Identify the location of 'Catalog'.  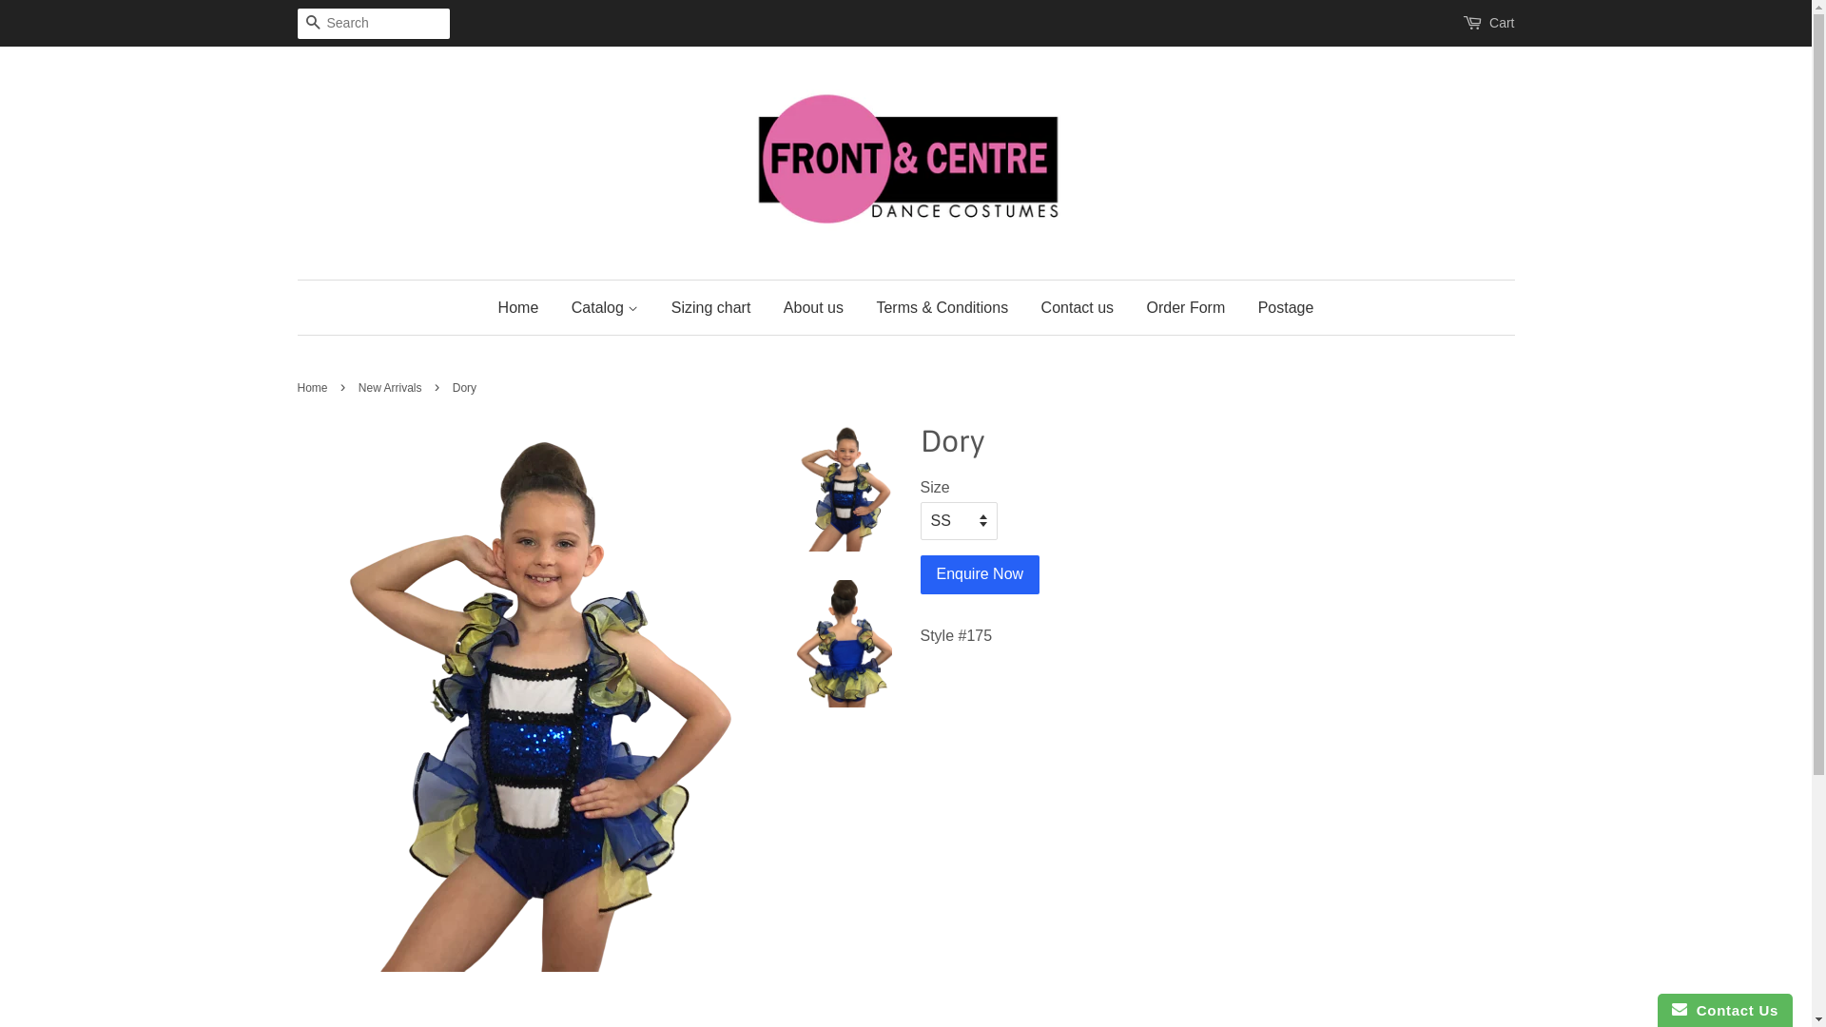
(555, 306).